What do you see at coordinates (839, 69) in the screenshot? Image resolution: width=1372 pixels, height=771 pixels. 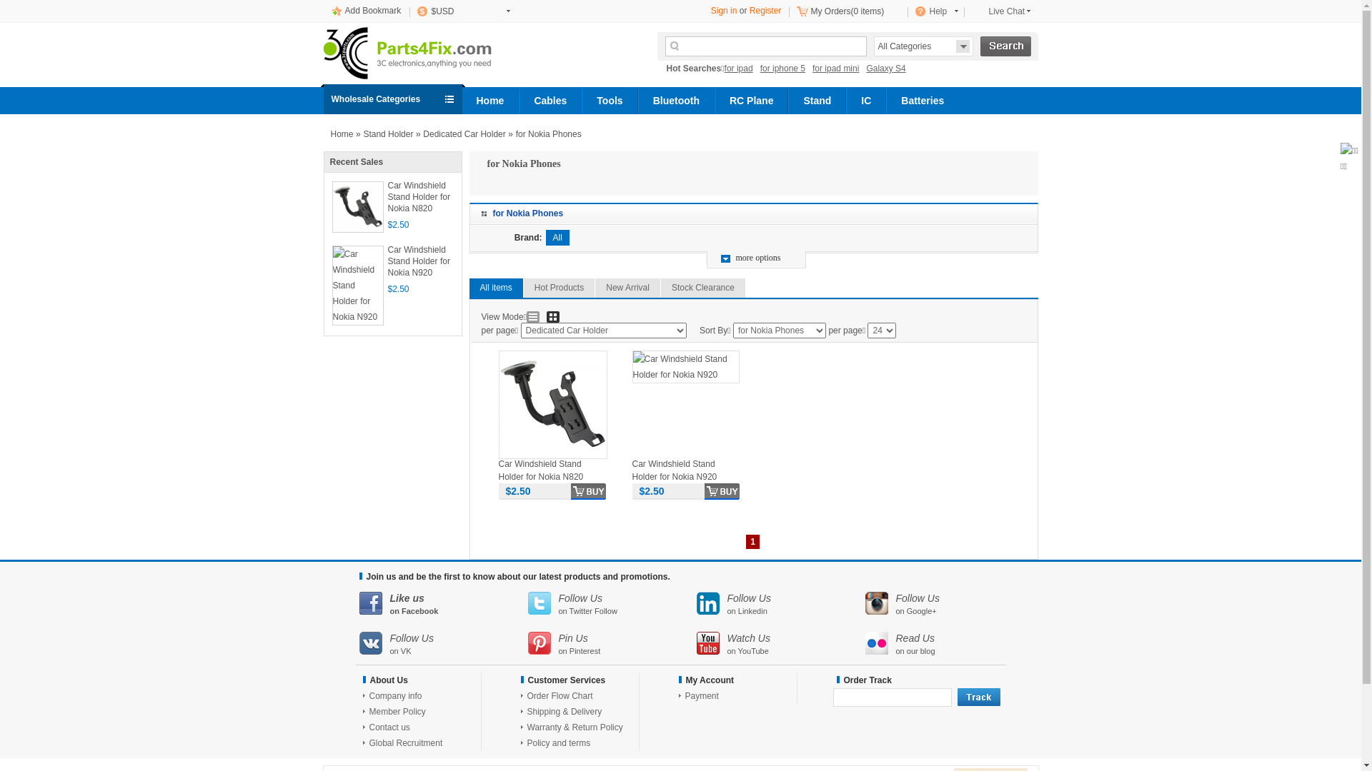 I see `'for ipad mini'` at bounding box center [839, 69].